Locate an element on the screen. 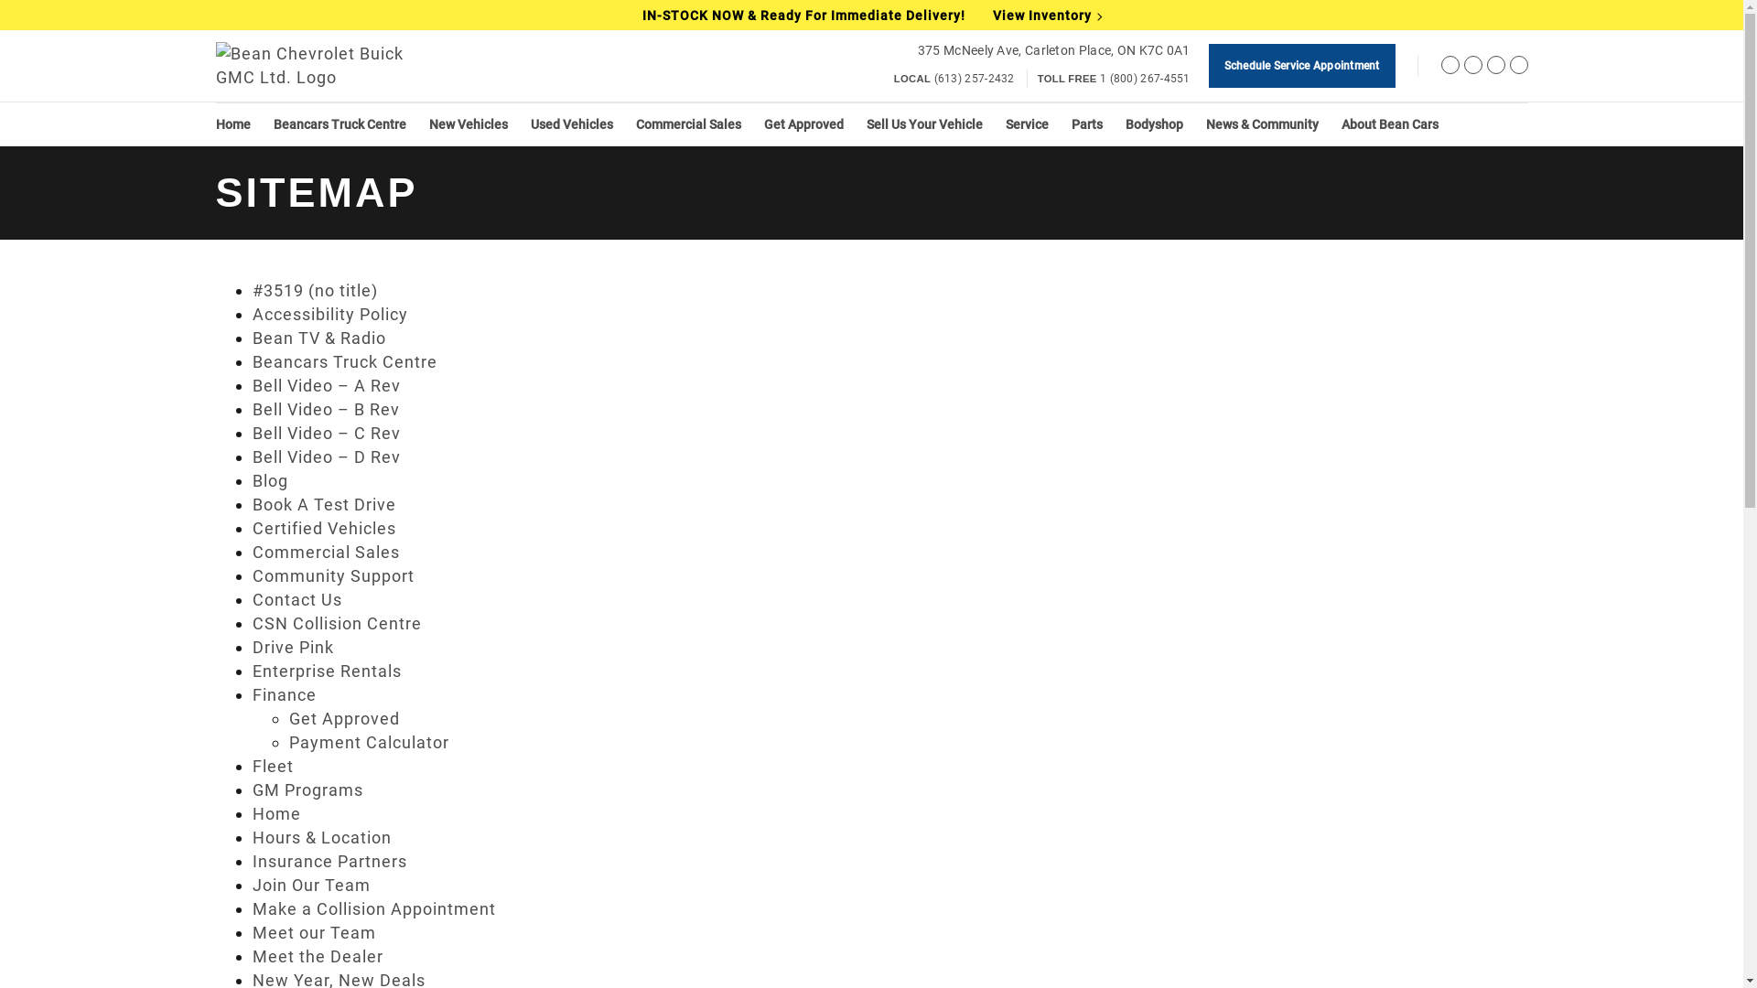 The image size is (1757, 988). 'https://www.youtube.com/channel/UCMYuVJlSnodwUqm1pVQkKfA' is located at coordinates (1510, 67).